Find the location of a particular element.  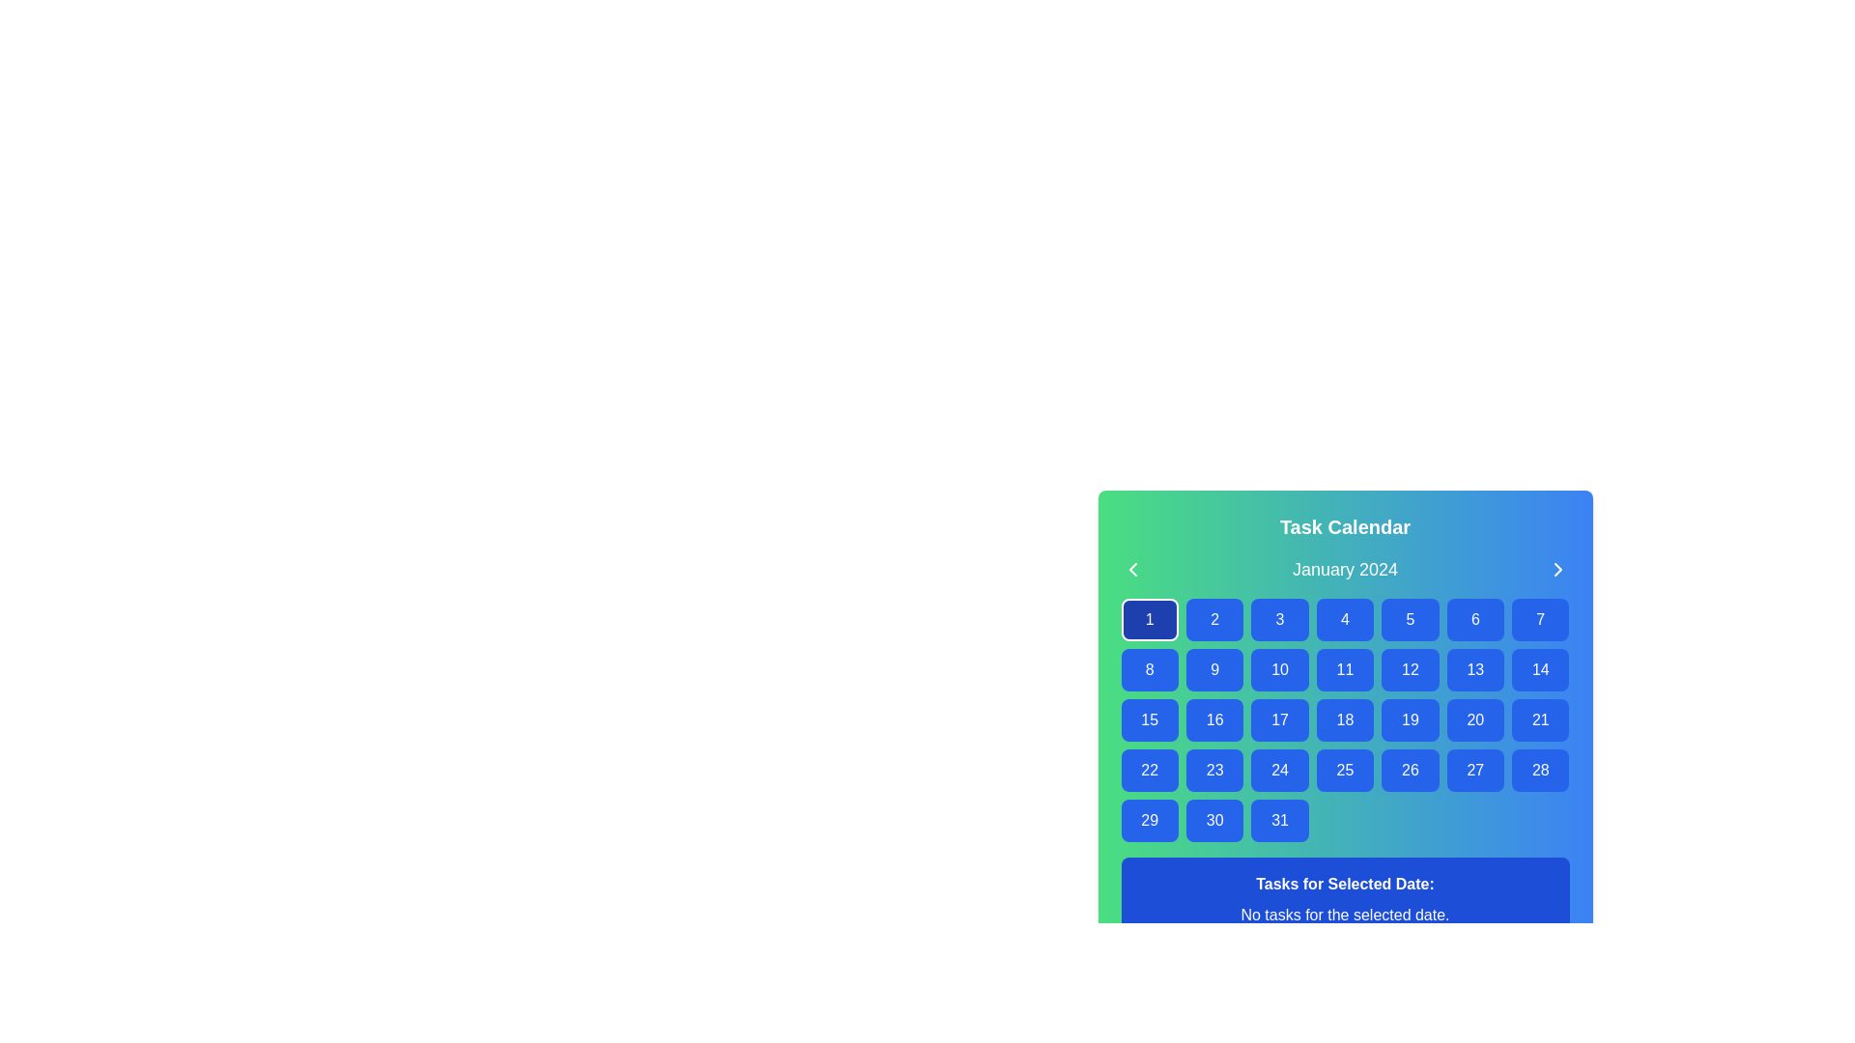

the calendar day cell button for the 30th day located in the bottom row of the calendar grid, specifically the second cell from the left is located at coordinates (1213, 820).